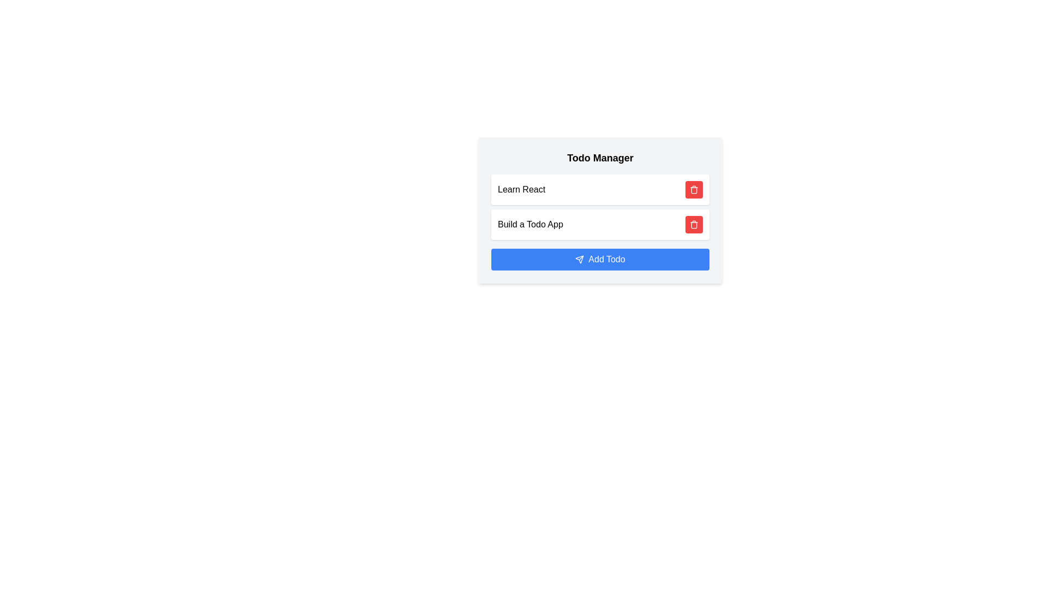 This screenshot has height=589, width=1047. I want to click on the second trash can icon button, which has a red background and is located at the rightmost end of the 'Build a Todo App' task entry in the todo list manager interface, so click(693, 224).